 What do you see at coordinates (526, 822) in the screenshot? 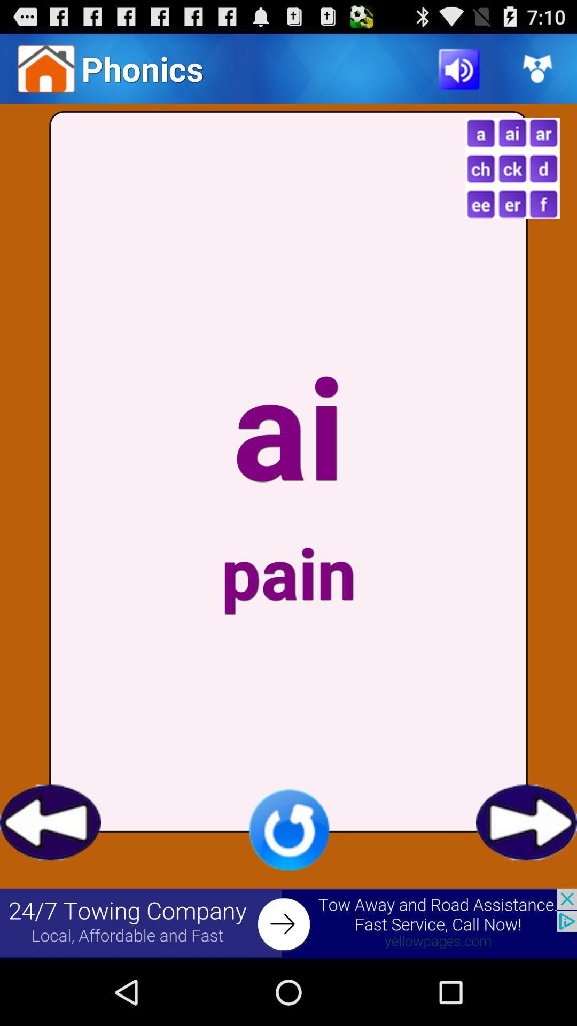
I see `the next word` at bounding box center [526, 822].